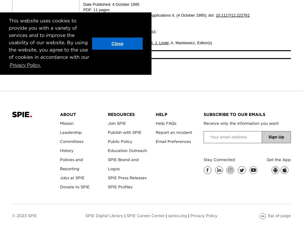 This screenshot has width=303, height=228. What do you see at coordinates (90, 54) in the screenshot?
I see `'© SPIE.'` at bounding box center [90, 54].